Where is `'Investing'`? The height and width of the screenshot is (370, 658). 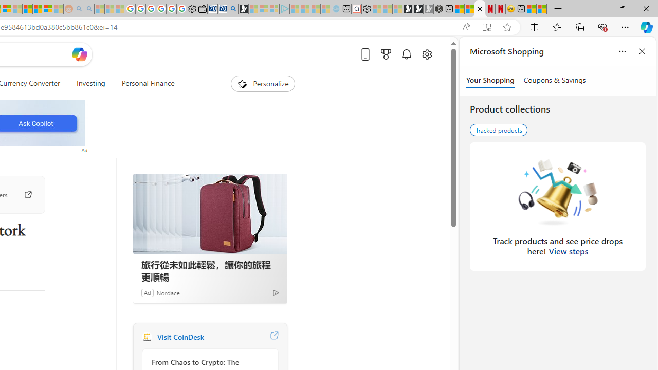 'Investing' is located at coordinates (90, 83).